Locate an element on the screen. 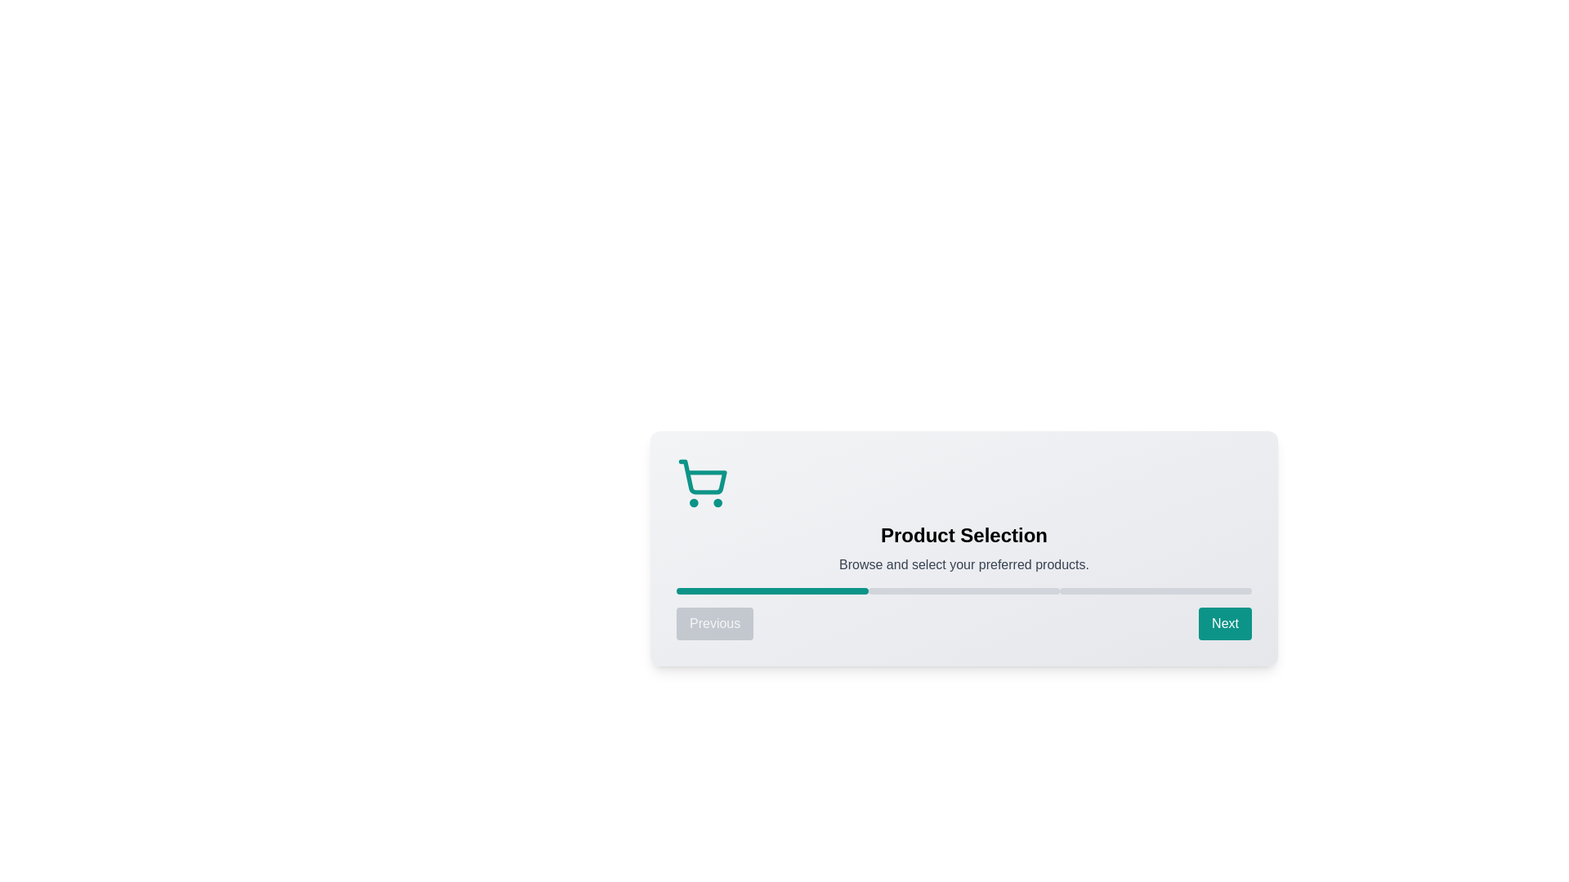  the progress bar to view its state is located at coordinates (964, 591).